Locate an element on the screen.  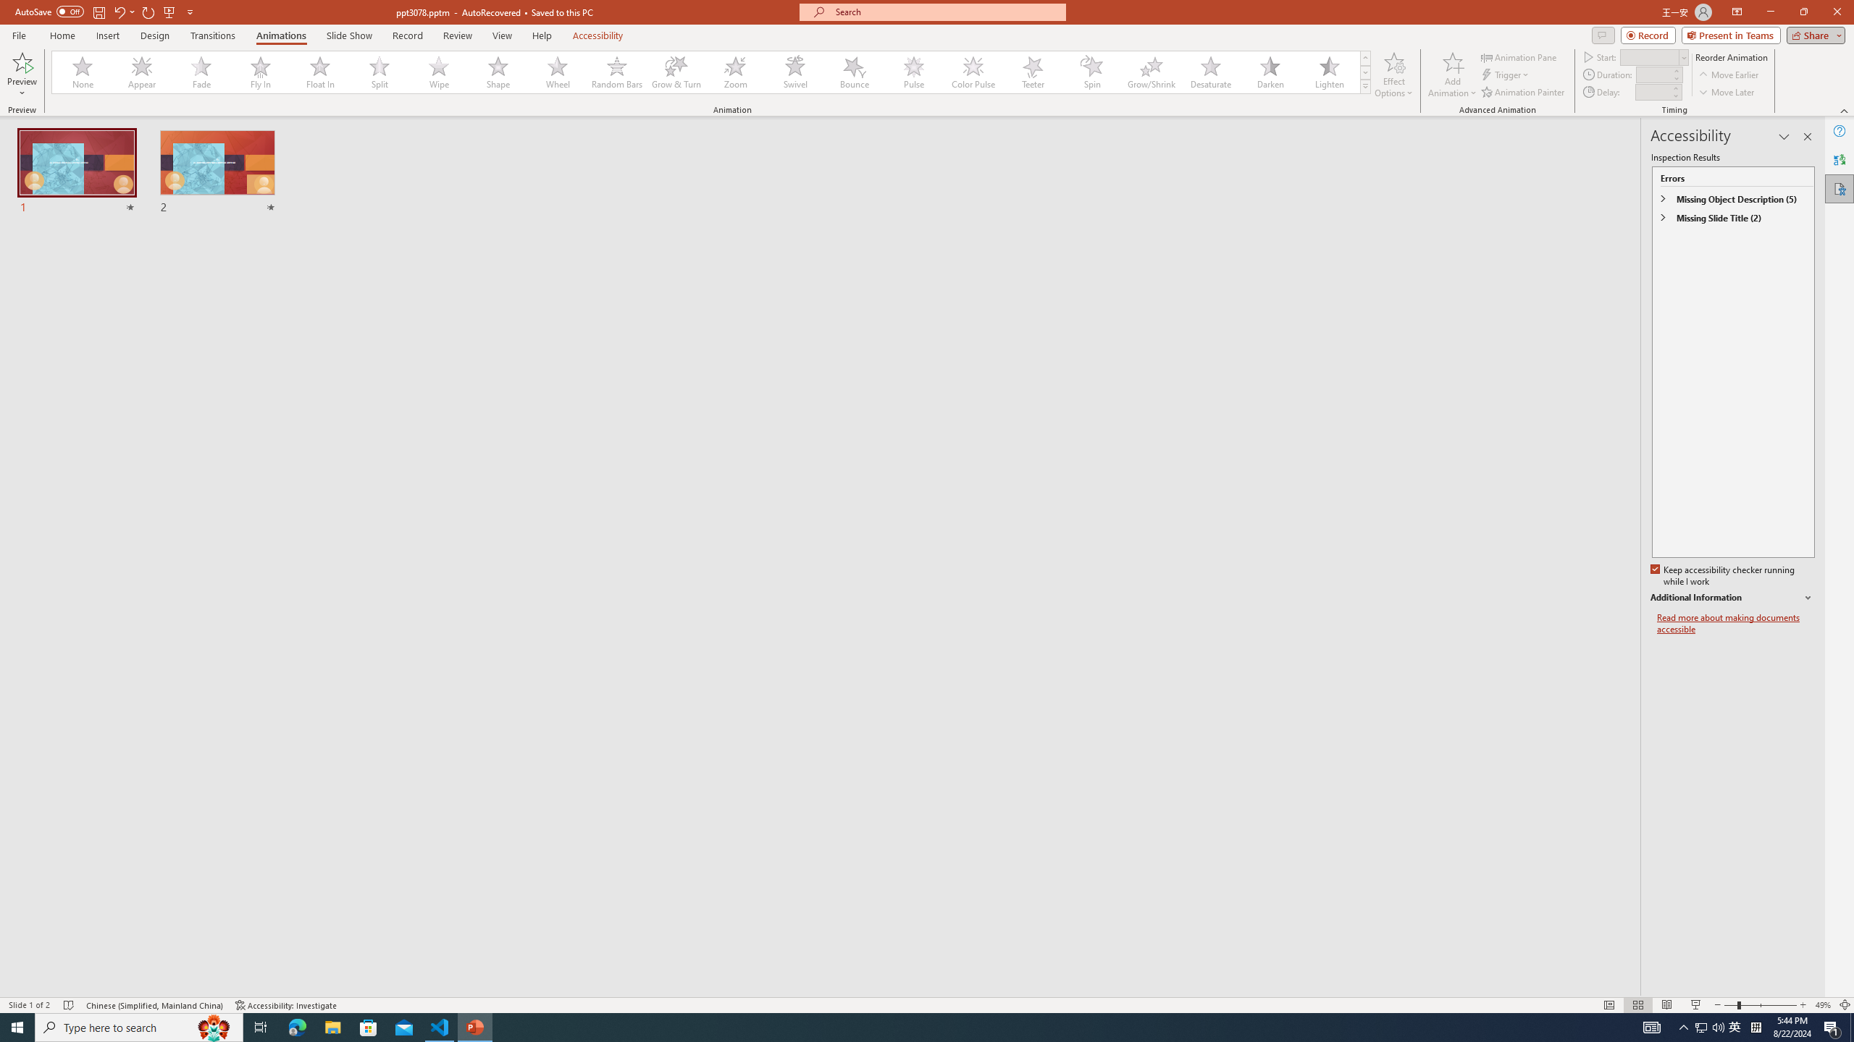
'Task Pane Options' is located at coordinates (1784, 136).